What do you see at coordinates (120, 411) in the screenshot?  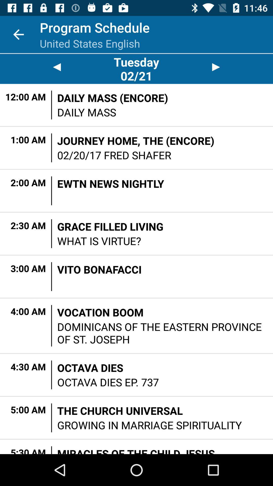 I see `the the church universal icon` at bounding box center [120, 411].